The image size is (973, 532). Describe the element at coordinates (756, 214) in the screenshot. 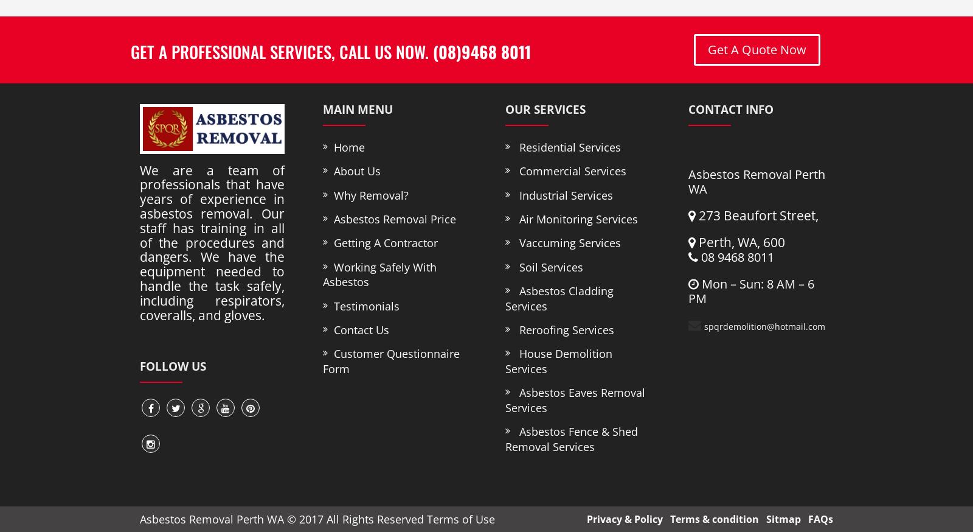

I see `'273 Beaufort Street,'` at that location.